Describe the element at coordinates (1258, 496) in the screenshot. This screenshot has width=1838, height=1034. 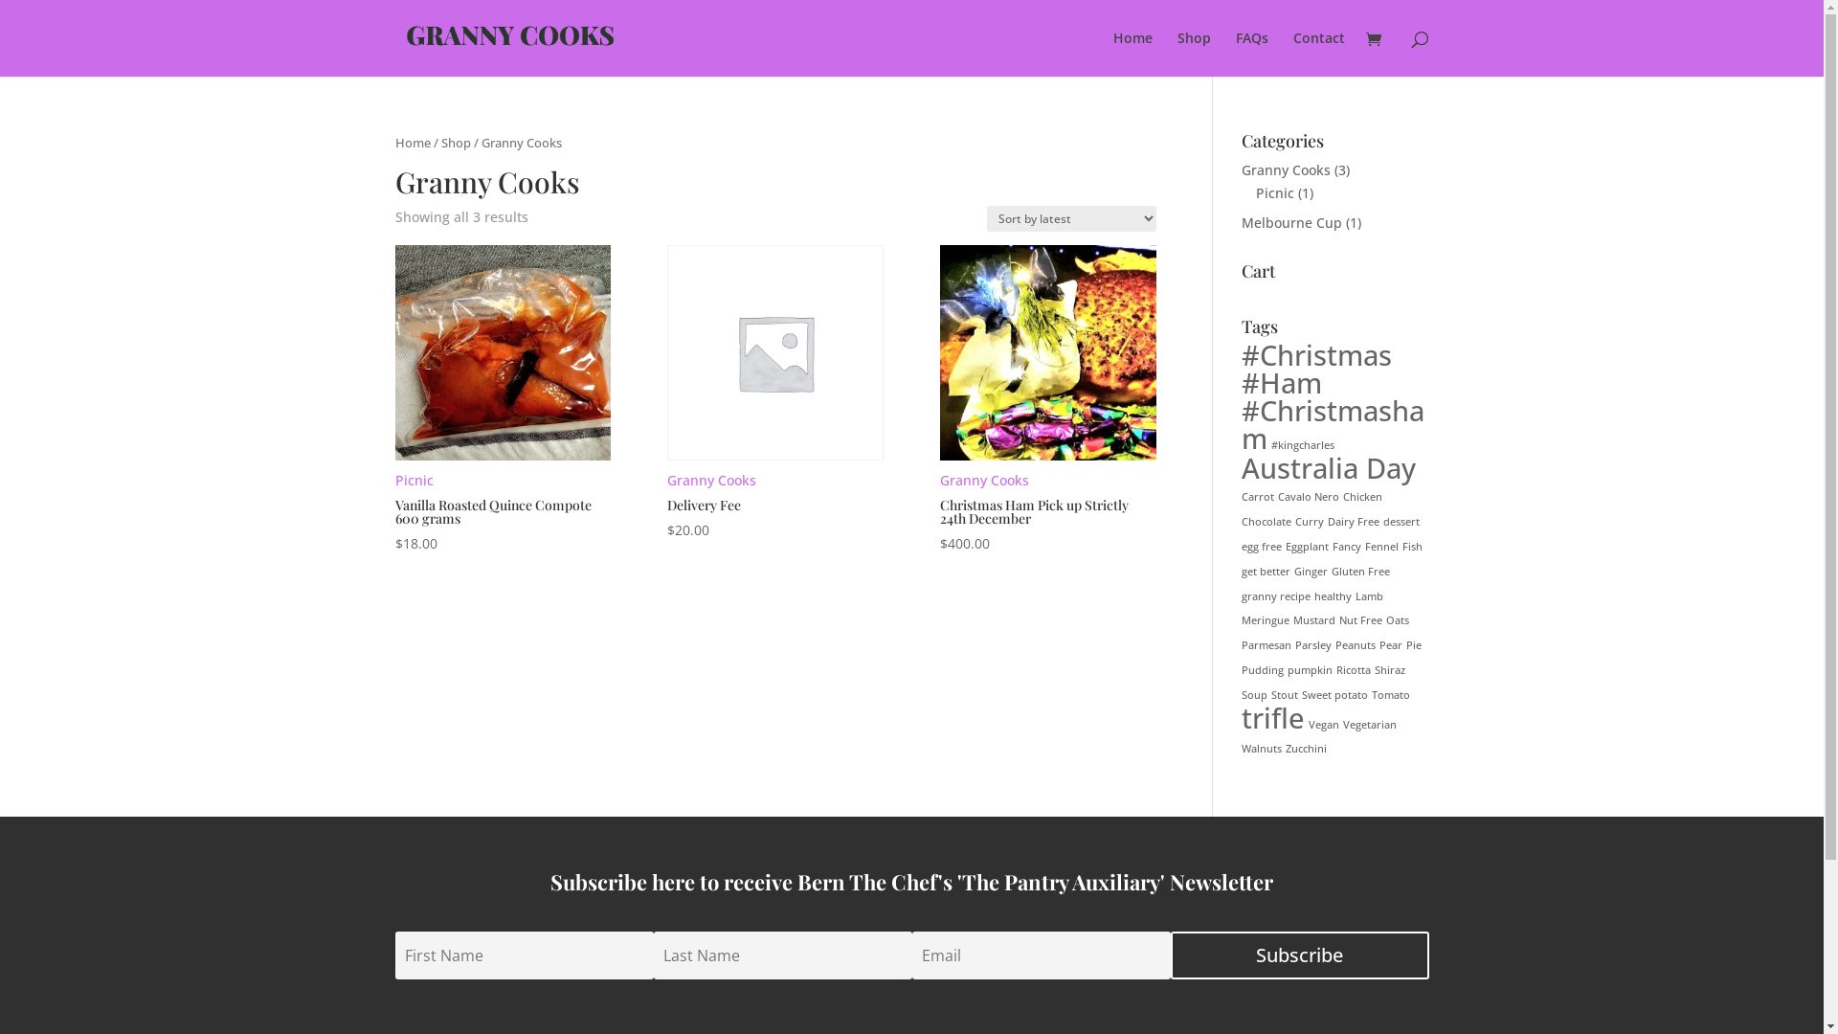
I see `'Carrot'` at that location.